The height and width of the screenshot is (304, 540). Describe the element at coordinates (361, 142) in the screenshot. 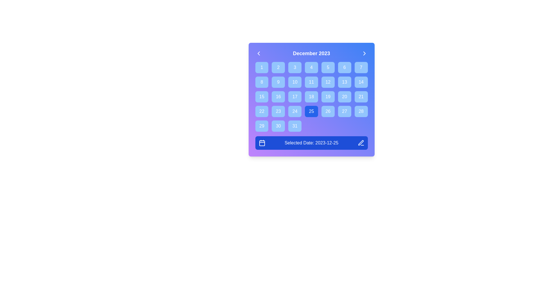

I see `the pen-like icon located in the small square button at the bottom-right corner of the calendar widget` at that location.